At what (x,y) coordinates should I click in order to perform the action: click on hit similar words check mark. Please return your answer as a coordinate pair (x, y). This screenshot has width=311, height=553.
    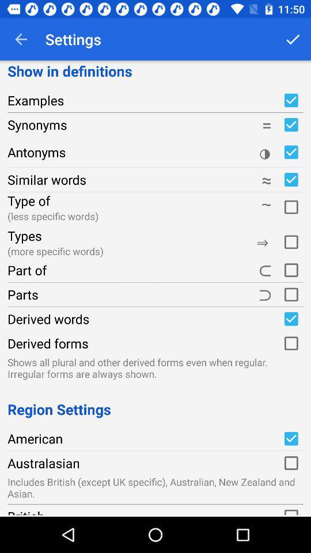
    Looking at the image, I should click on (290, 180).